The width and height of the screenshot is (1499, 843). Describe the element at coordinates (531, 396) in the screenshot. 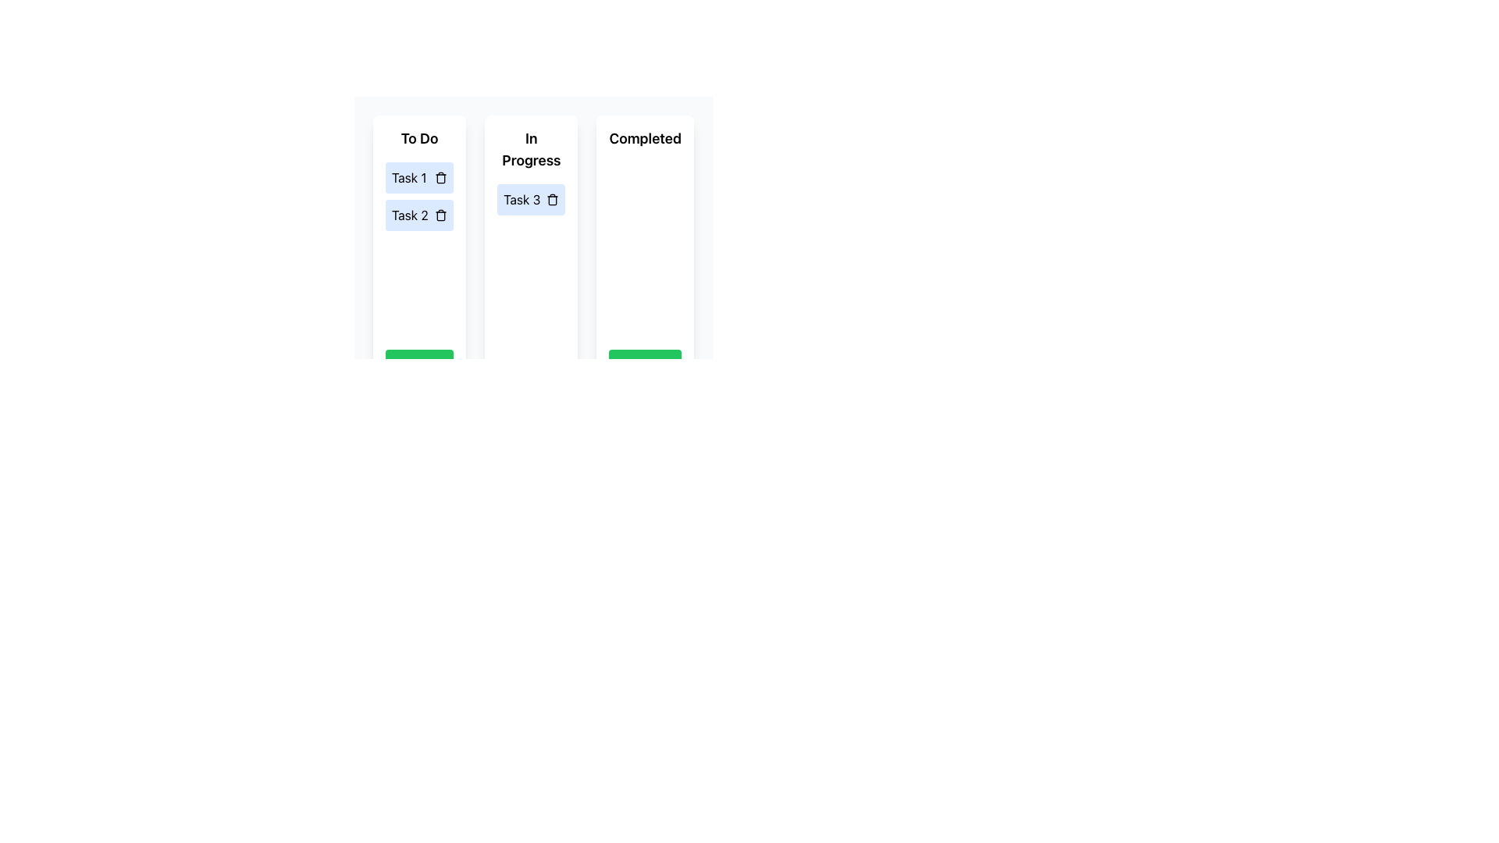

I see `the button that adds a new task to the 'In Progress' category` at that location.